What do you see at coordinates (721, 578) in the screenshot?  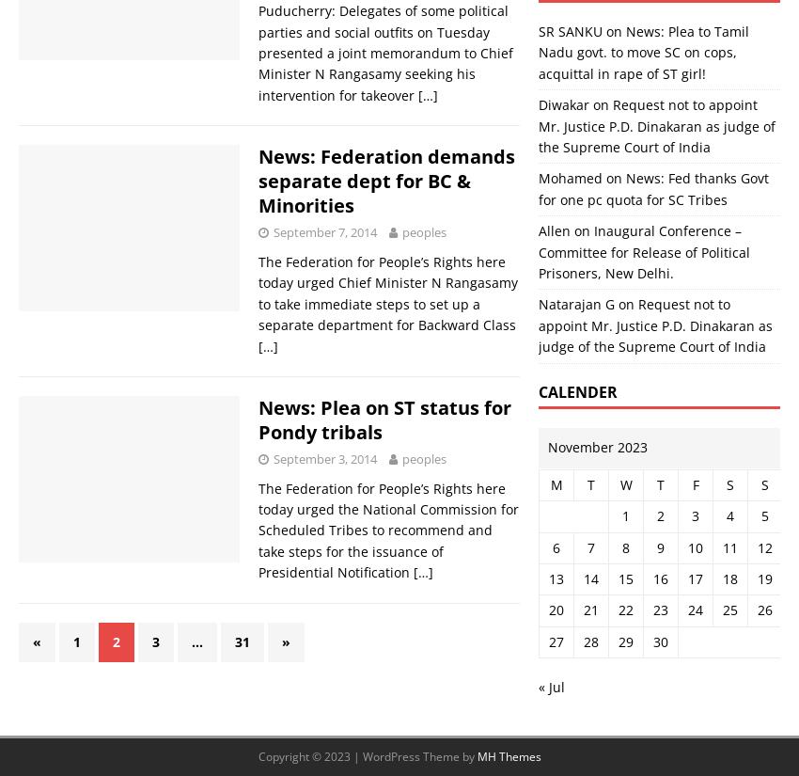 I see `'18'` at bounding box center [721, 578].